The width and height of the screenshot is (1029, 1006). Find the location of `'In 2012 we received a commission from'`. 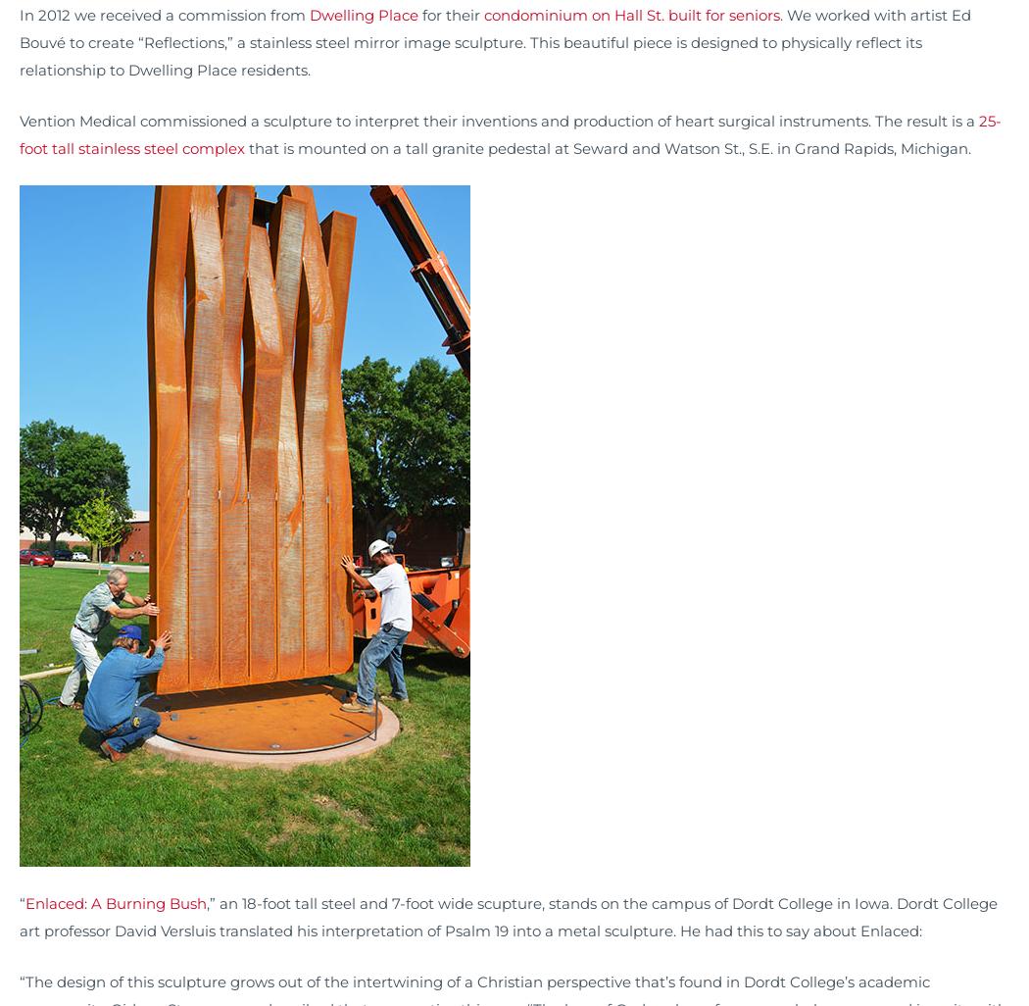

'In 2012 we received a commission from' is located at coordinates (19, 15).